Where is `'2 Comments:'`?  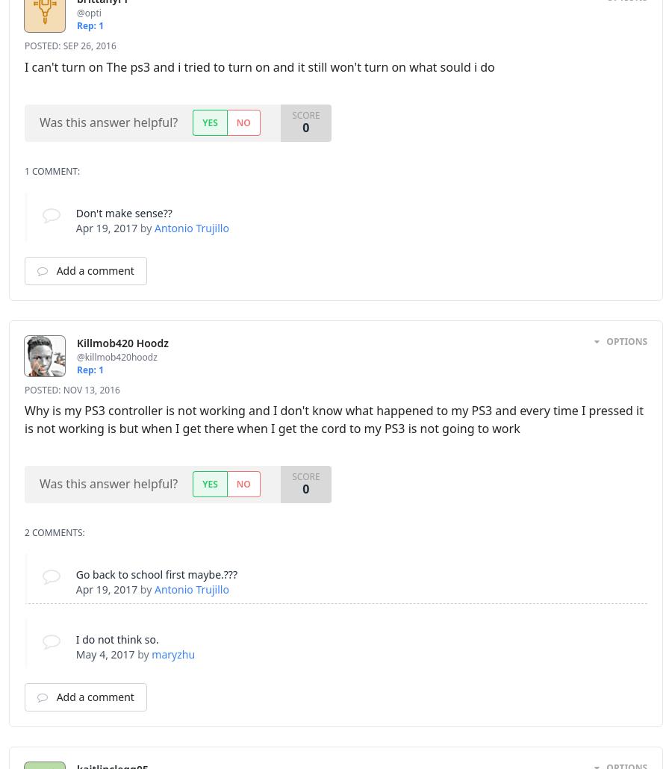
'2 Comments:' is located at coordinates (53, 532).